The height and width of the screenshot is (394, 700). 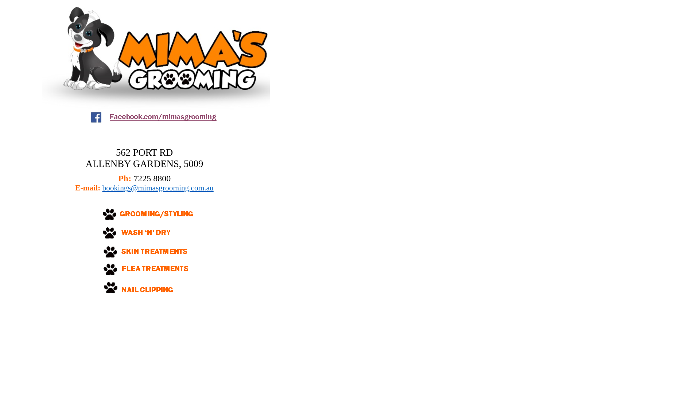 What do you see at coordinates (157, 188) in the screenshot?
I see `'bookings@mimasgrooming.com.au'` at bounding box center [157, 188].